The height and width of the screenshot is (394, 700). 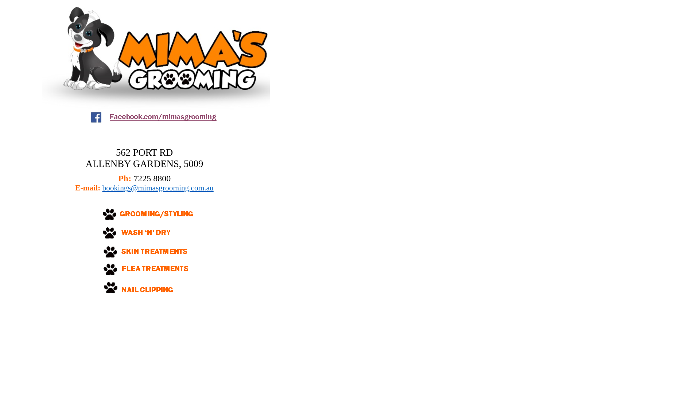 What do you see at coordinates (157, 188) in the screenshot?
I see `'bookings@mimasgrooming.com.au'` at bounding box center [157, 188].